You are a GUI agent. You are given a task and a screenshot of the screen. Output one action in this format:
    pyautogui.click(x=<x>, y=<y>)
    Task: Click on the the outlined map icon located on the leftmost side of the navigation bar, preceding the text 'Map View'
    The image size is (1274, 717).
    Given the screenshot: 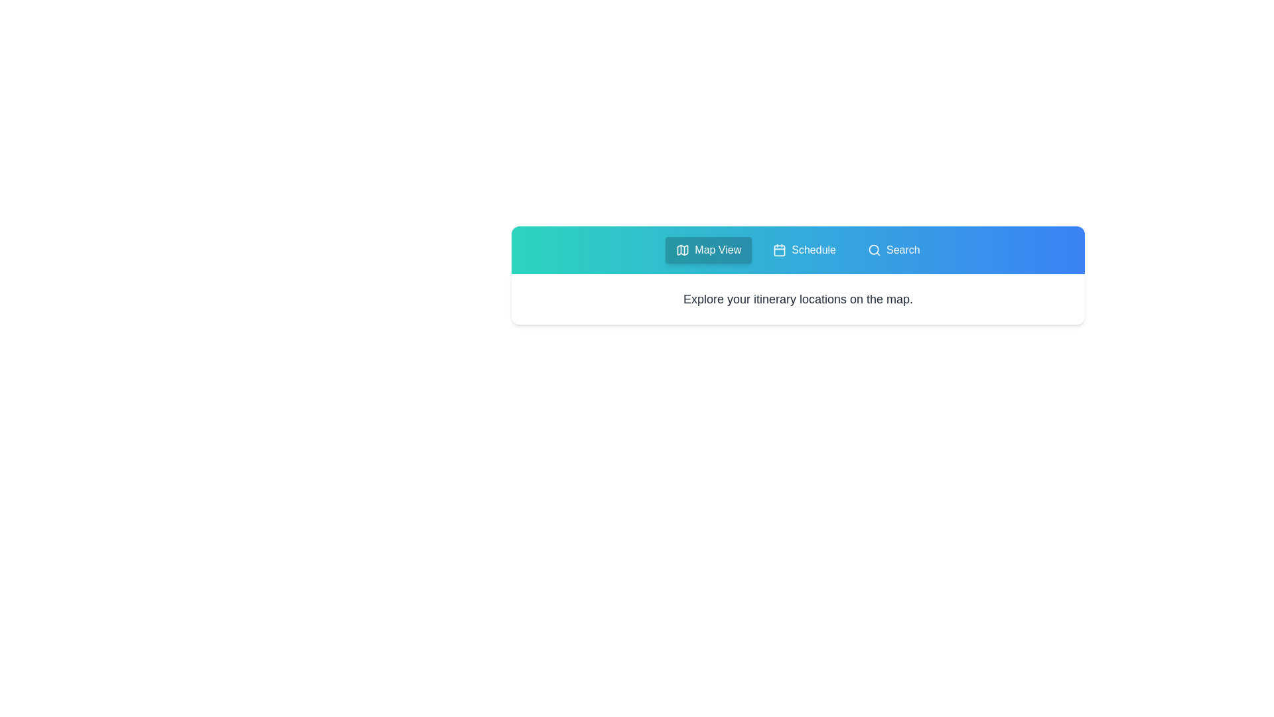 What is the action you would take?
    pyautogui.click(x=683, y=250)
    